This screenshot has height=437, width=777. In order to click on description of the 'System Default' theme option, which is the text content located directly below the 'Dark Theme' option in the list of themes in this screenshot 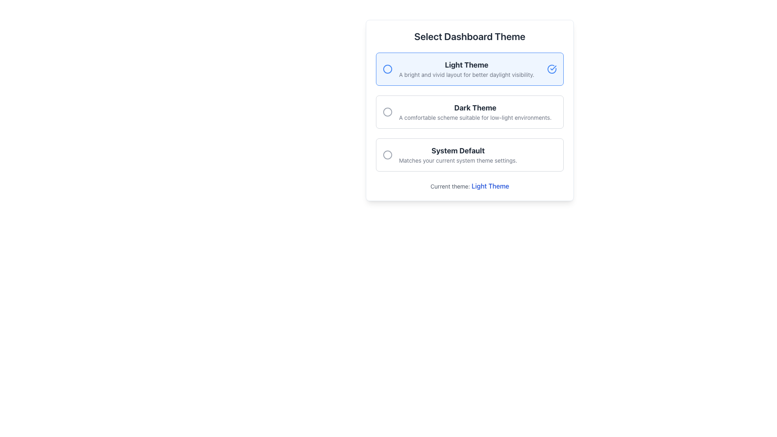, I will do `click(458, 155)`.